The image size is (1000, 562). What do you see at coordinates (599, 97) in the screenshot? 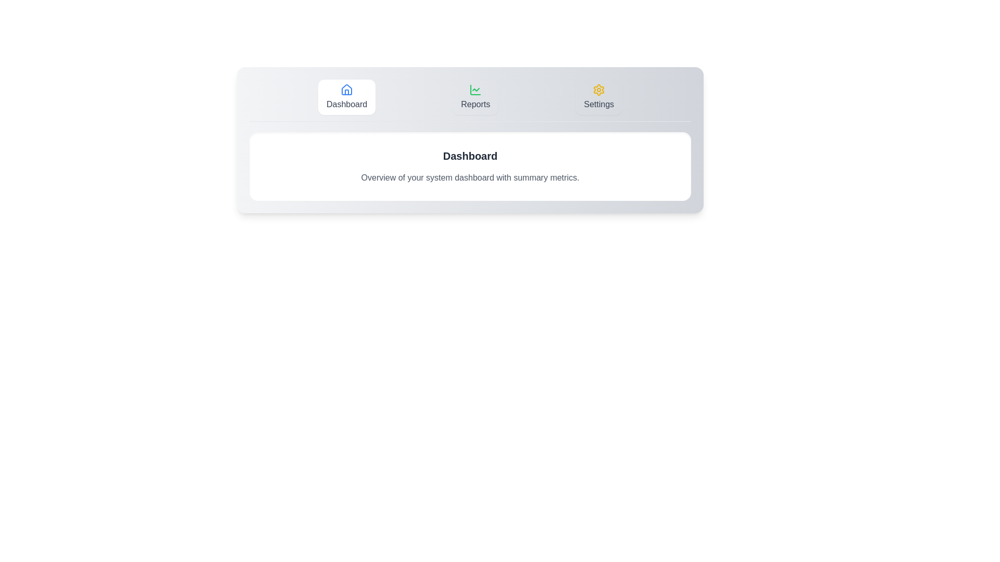
I see `the Settings button to navigate to the corresponding section` at bounding box center [599, 97].